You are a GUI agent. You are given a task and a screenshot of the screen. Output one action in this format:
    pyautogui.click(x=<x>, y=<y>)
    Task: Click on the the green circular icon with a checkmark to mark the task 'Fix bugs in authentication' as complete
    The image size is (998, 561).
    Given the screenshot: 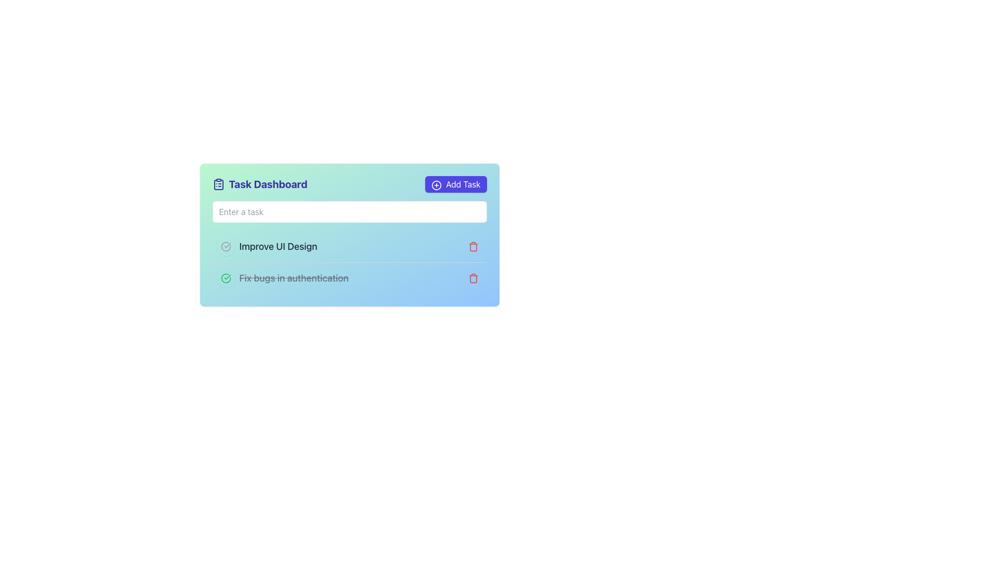 What is the action you would take?
    pyautogui.click(x=225, y=278)
    